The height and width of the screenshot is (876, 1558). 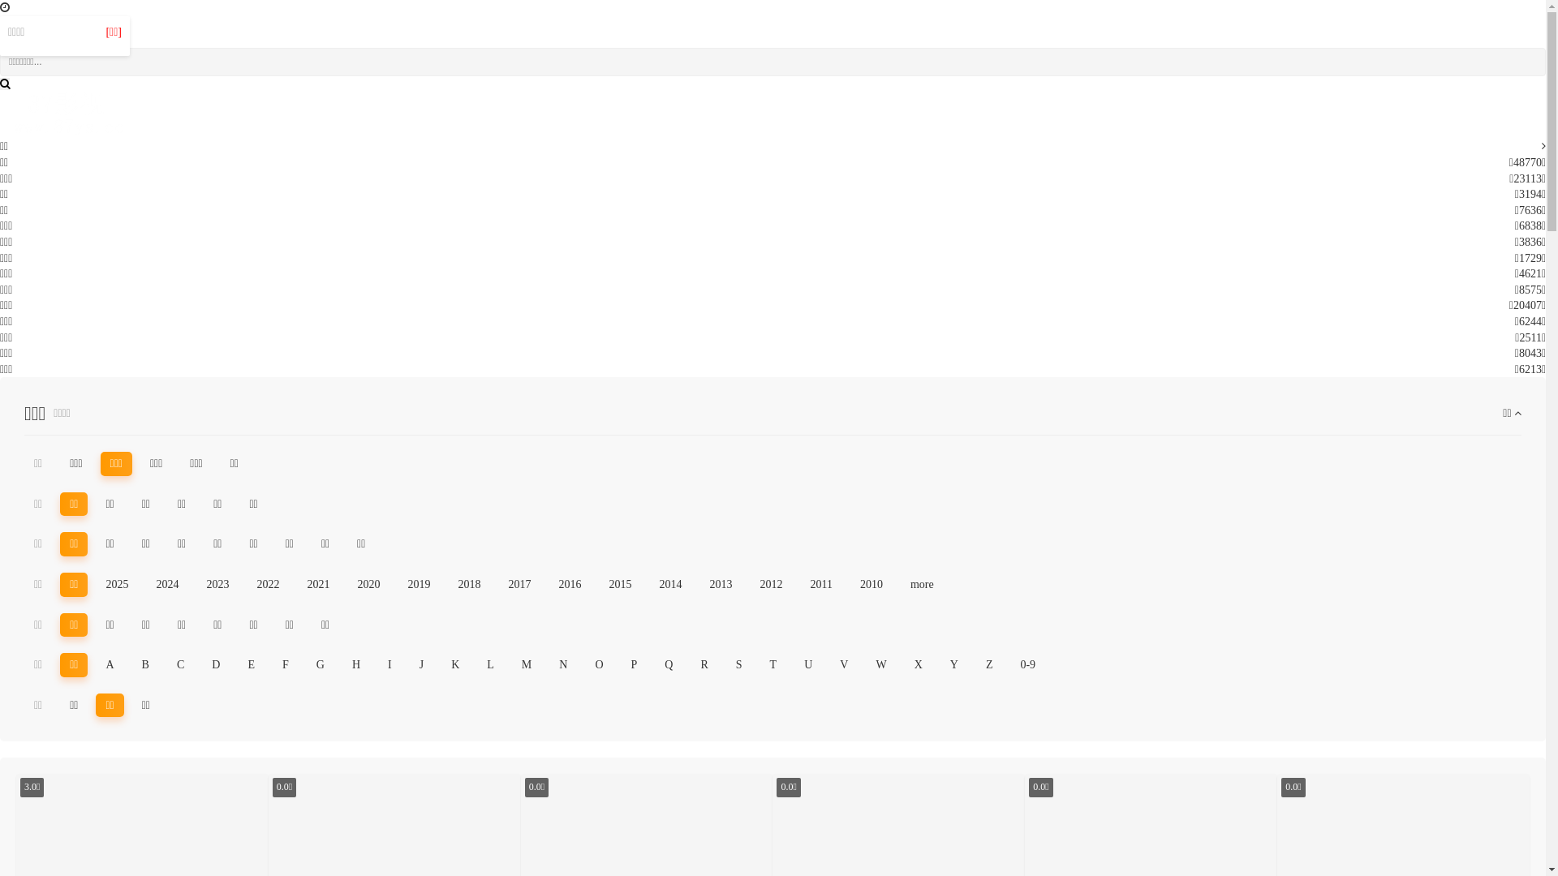 What do you see at coordinates (1009, 665) in the screenshot?
I see `'0-9'` at bounding box center [1009, 665].